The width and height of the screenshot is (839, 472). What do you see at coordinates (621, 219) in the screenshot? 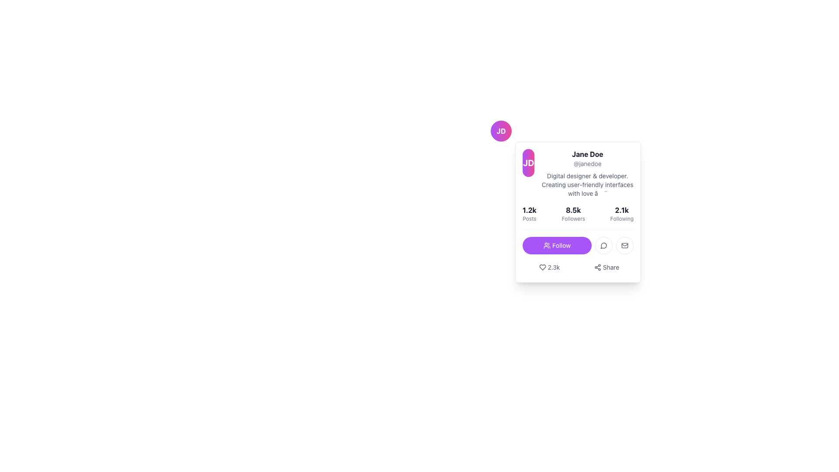
I see `the static label text indicating 'Following', which is located under the '2.1k' number in the profile card layout` at bounding box center [621, 219].